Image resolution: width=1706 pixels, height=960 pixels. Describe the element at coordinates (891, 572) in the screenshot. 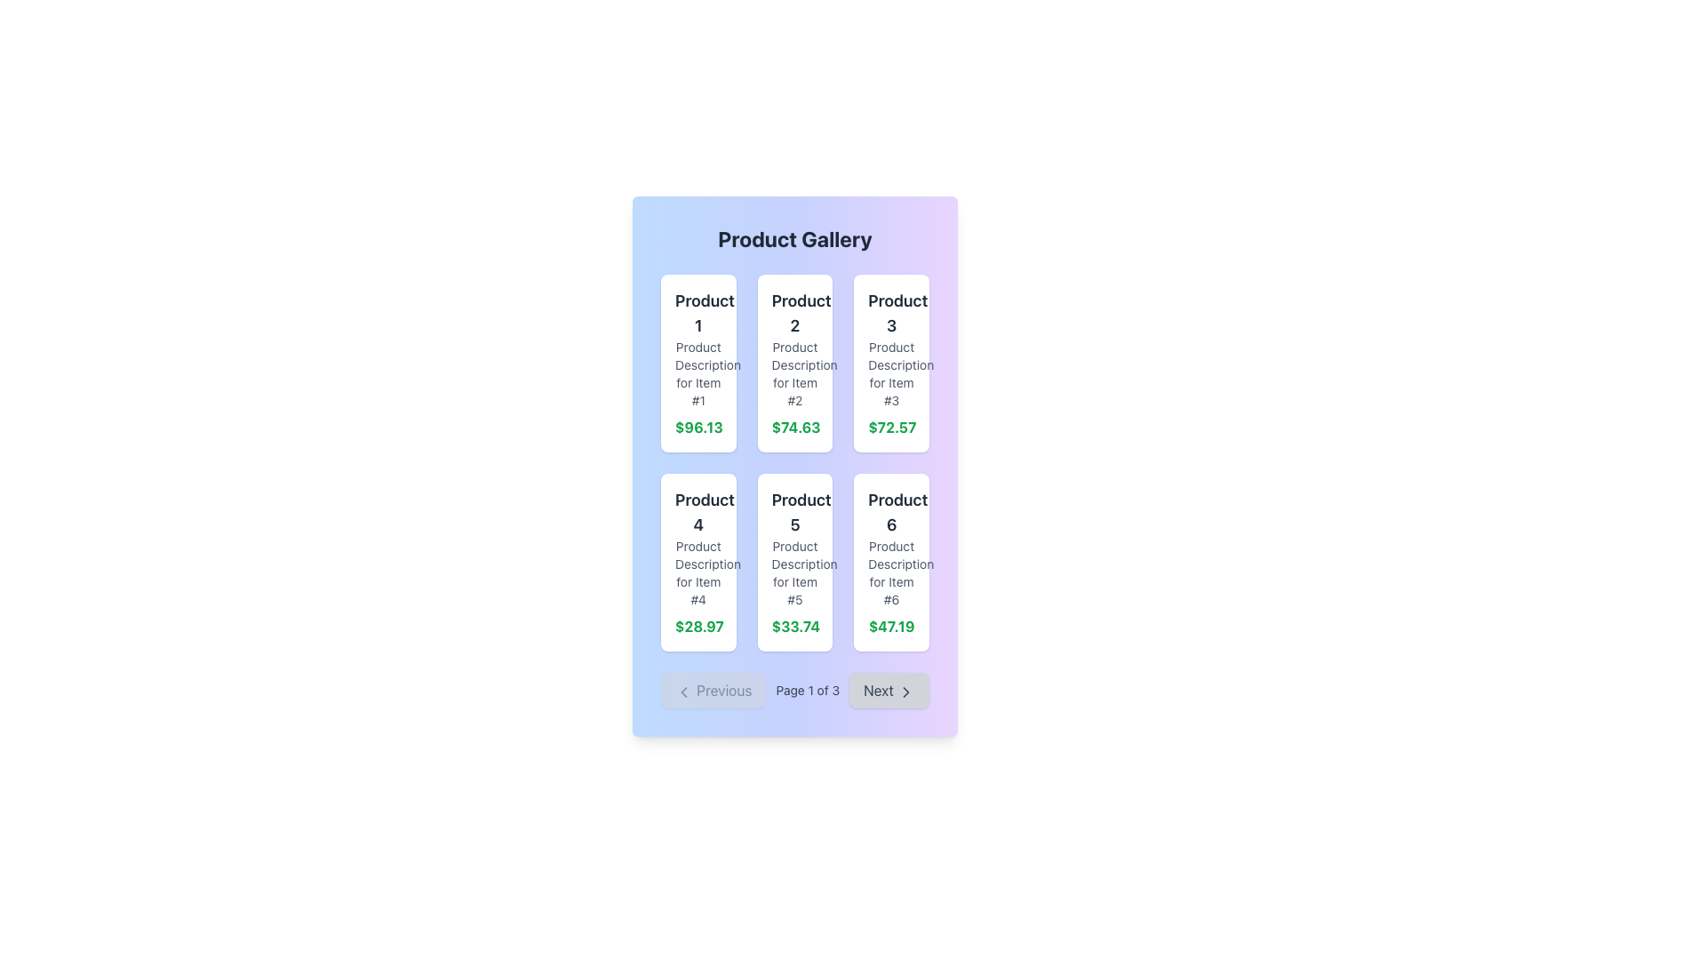

I see `the descriptive text label for 'Product 6' located in the bottom-right card of the grid layout` at that location.